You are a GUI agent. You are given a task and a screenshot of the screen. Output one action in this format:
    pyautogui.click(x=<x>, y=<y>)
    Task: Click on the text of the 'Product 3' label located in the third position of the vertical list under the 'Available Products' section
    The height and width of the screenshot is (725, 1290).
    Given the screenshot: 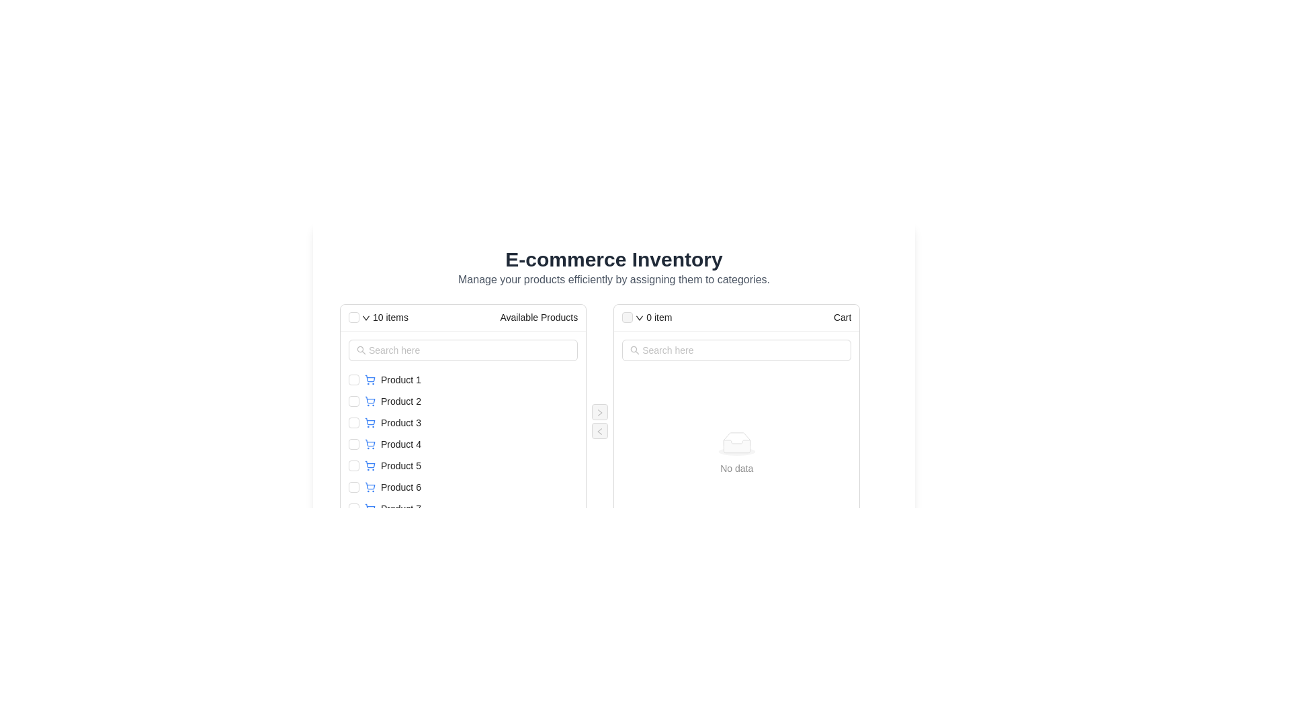 What is the action you would take?
    pyautogui.click(x=400, y=422)
    